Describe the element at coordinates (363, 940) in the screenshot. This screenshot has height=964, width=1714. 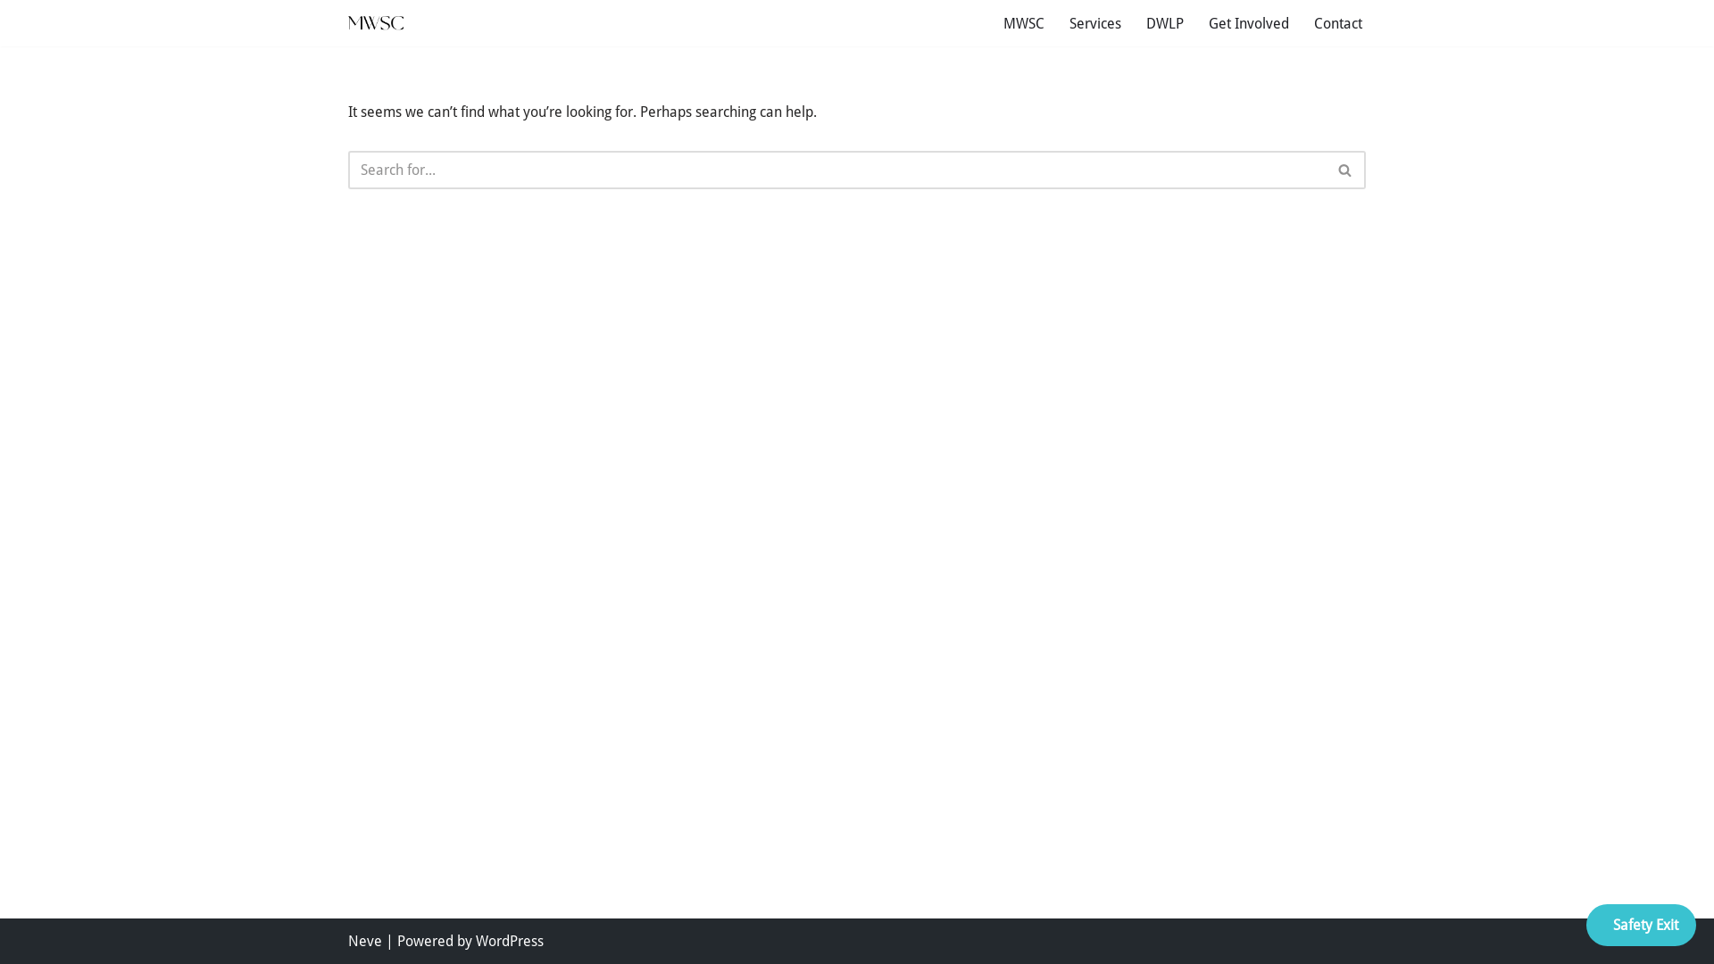
I see `'Neve'` at that location.